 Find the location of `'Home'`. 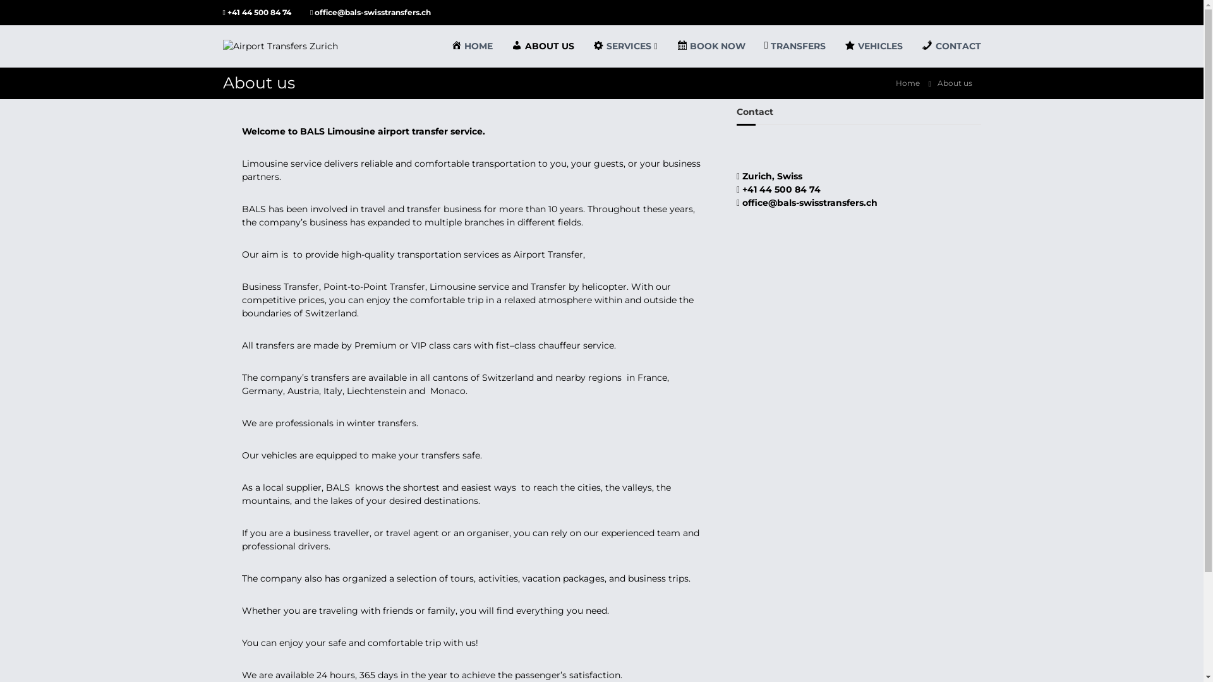

'Home' is located at coordinates (907, 83).